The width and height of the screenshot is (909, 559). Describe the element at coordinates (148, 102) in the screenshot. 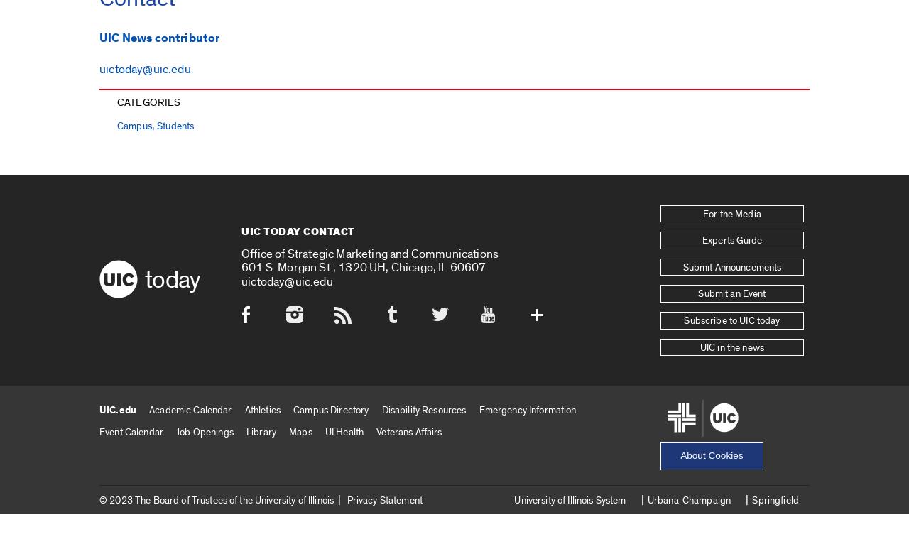

I see `'Categories'` at that location.